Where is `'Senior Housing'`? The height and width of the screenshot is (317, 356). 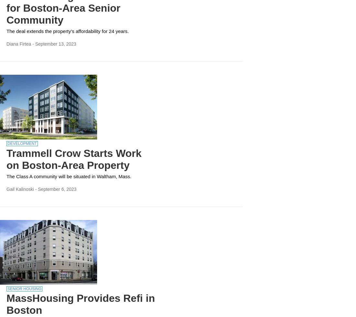 'Senior Housing' is located at coordinates (24, 288).